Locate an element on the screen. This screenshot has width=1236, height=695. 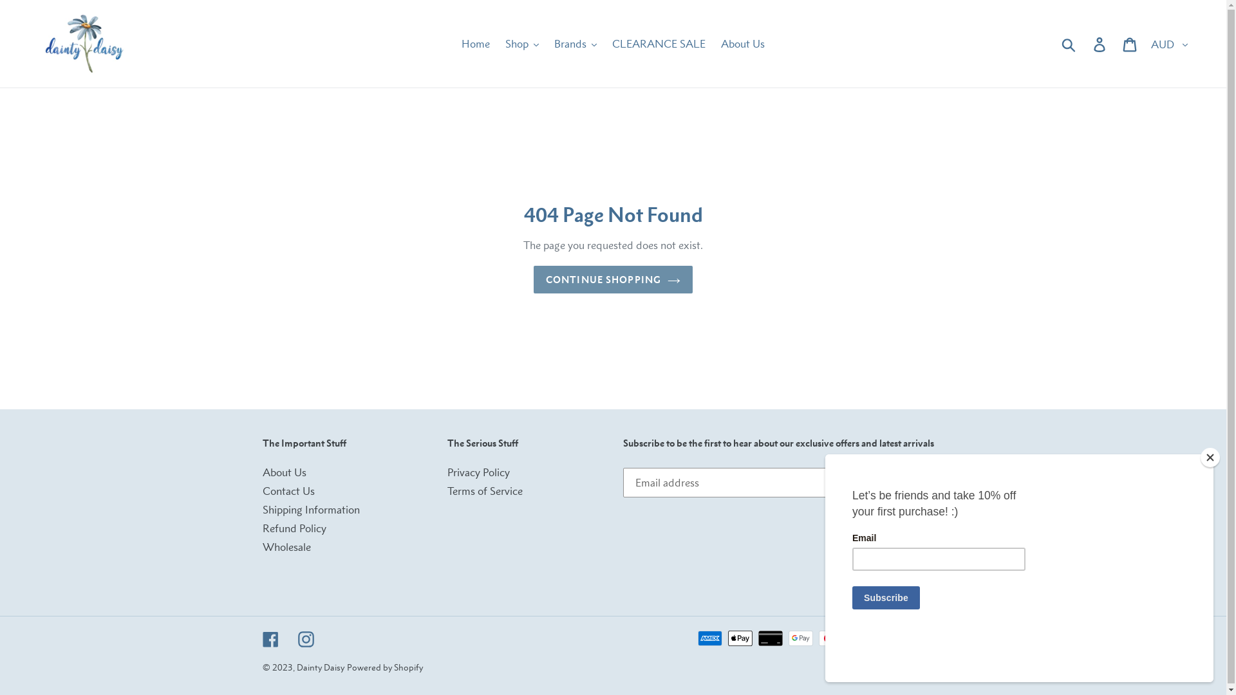
'Contact Us' is located at coordinates (262, 491).